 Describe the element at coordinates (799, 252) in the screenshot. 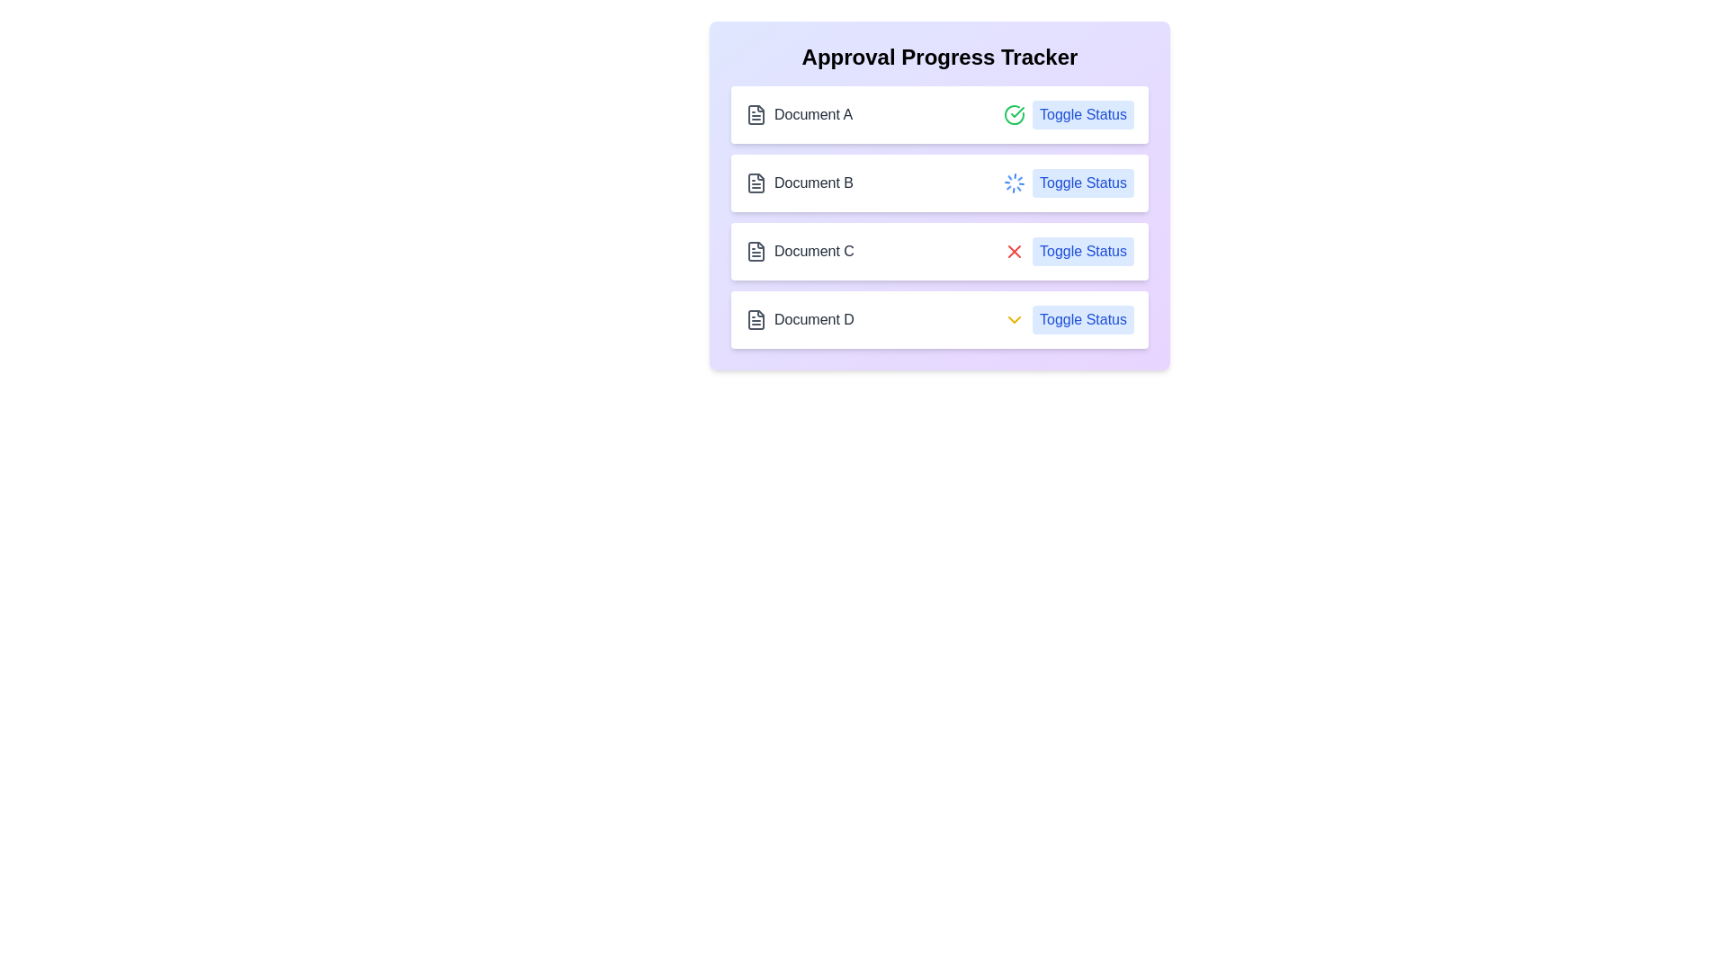

I see `the static text label displaying 'Document C' which is positioned in the third row of the 'Approval Progress Tracker' interface, between 'Document B' and 'Document D'` at that location.